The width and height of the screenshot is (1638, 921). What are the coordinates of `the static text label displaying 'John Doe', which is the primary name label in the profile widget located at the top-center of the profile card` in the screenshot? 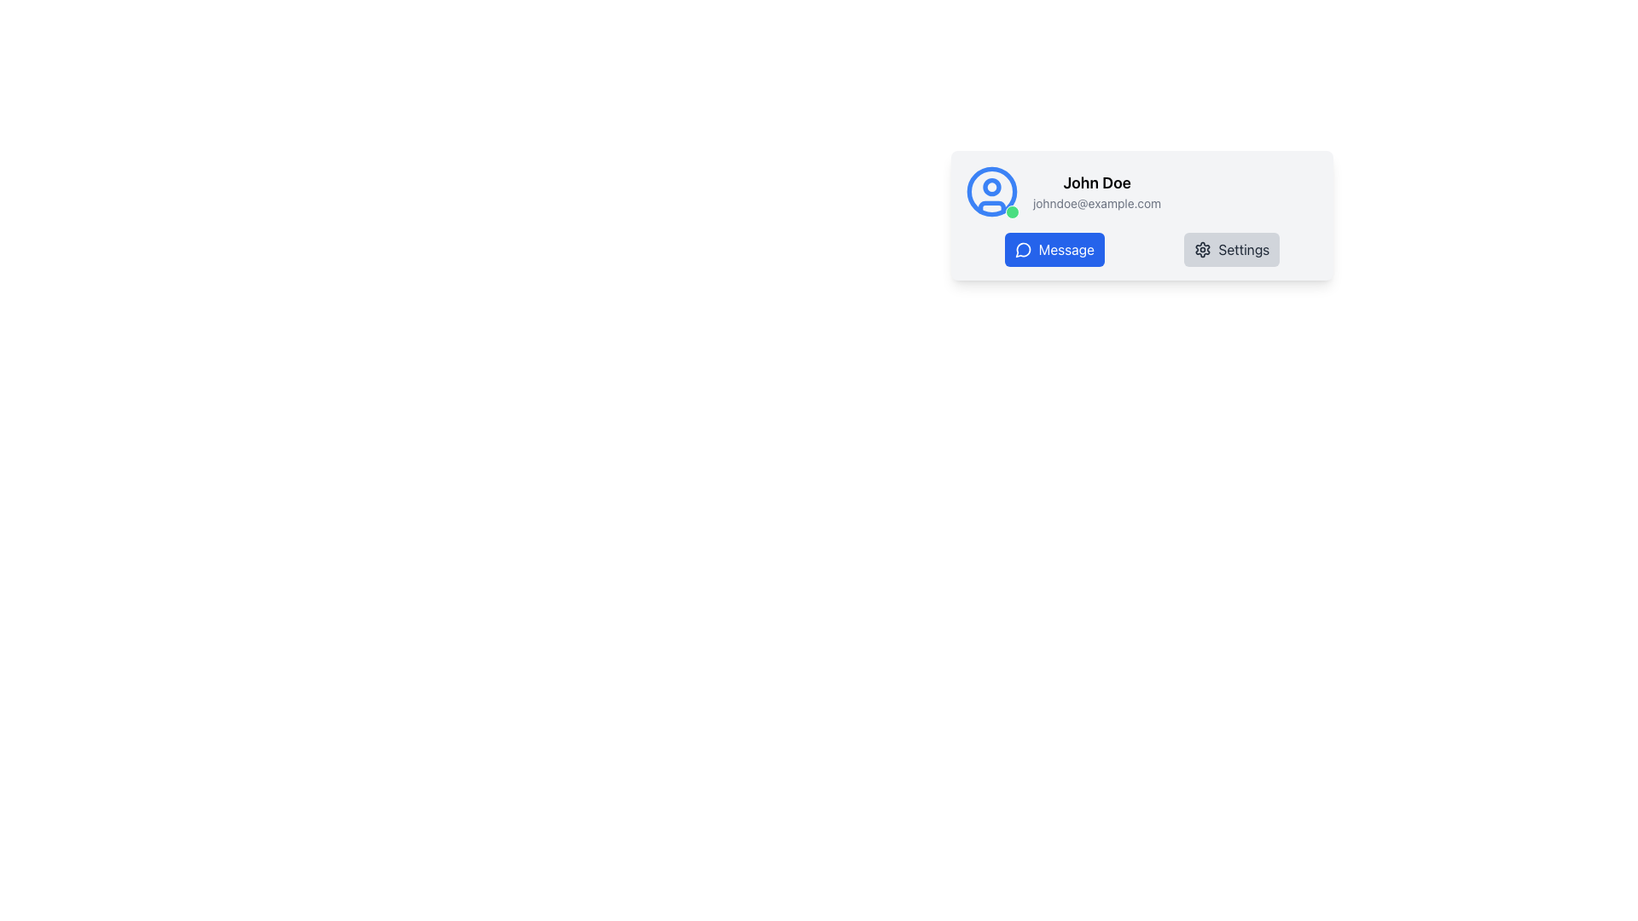 It's located at (1097, 183).